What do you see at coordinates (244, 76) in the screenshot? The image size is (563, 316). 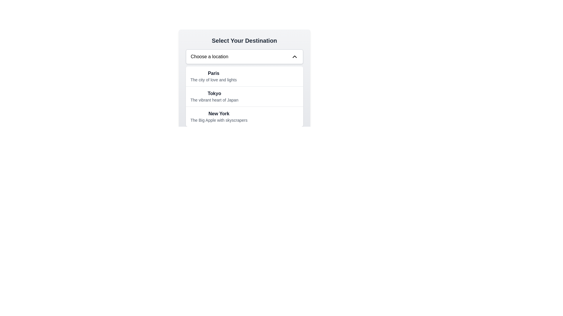 I see `to select the 'Paris' option in the dropdown menu, which is the first item in the list below 'Choose a location.'` at bounding box center [244, 76].